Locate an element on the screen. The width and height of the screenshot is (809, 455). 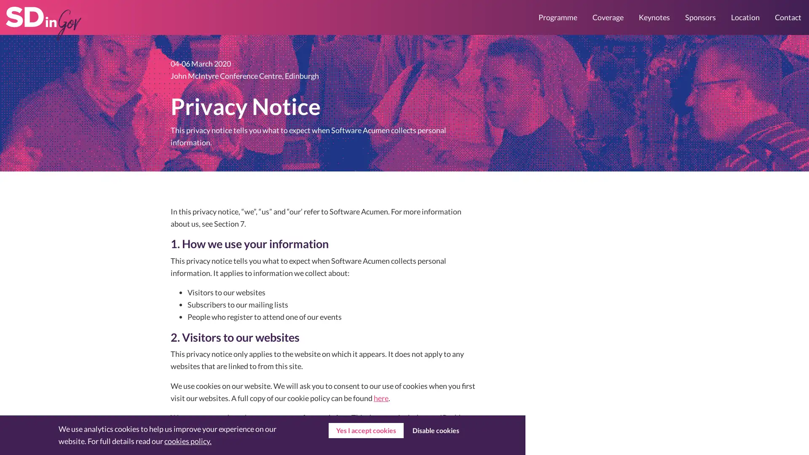
Disable cookies is located at coordinates (435, 431).